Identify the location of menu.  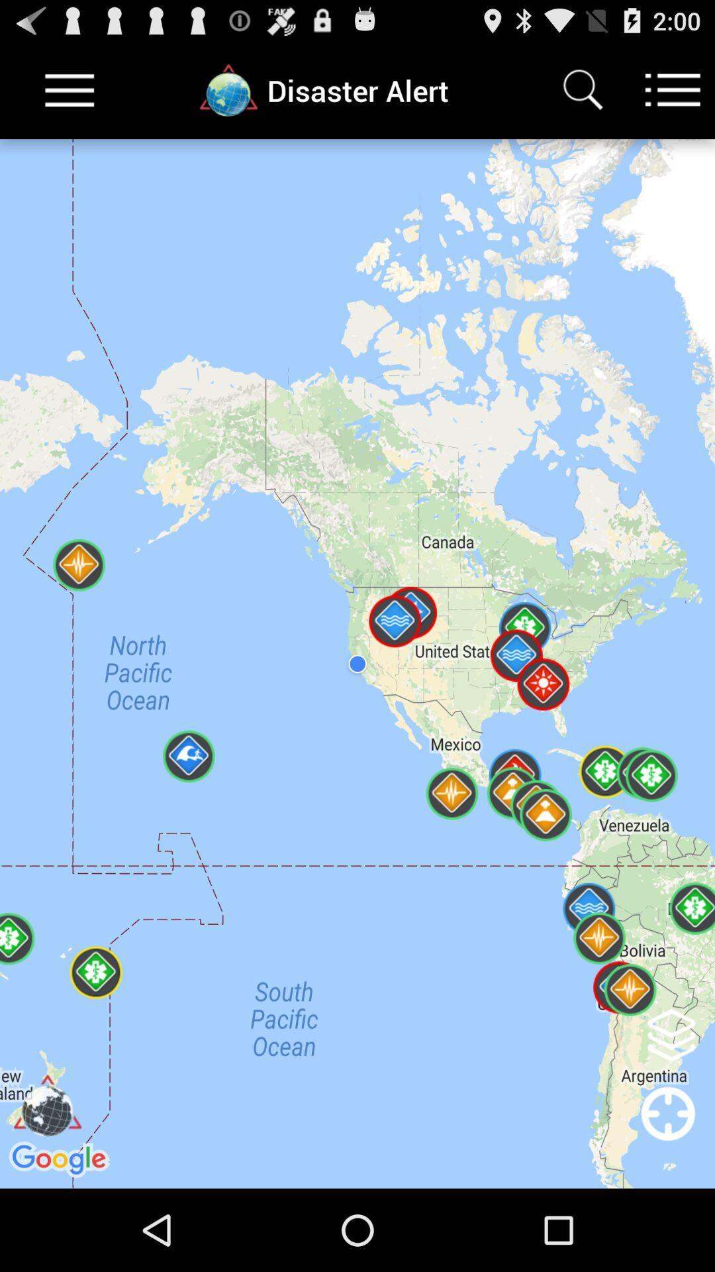
(673, 89).